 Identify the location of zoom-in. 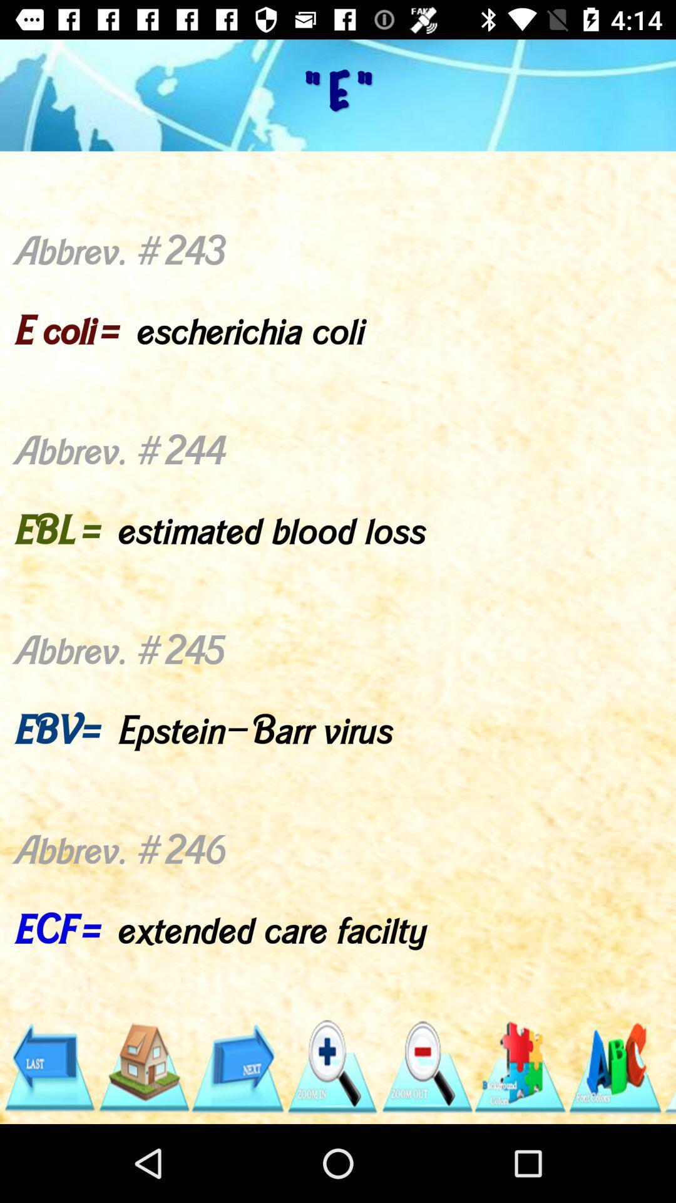
(331, 1066).